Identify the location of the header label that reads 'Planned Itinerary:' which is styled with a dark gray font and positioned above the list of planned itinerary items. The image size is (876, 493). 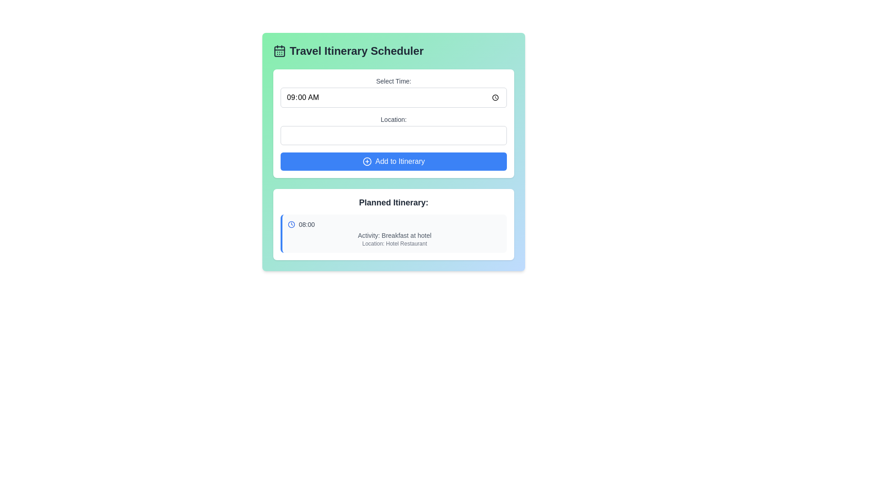
(394, 202).